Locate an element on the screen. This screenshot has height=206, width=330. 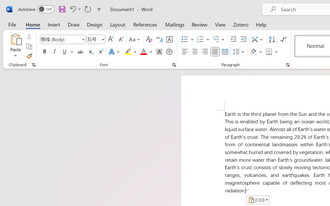
'Increase Indent' is located at coordinates (243, 39).